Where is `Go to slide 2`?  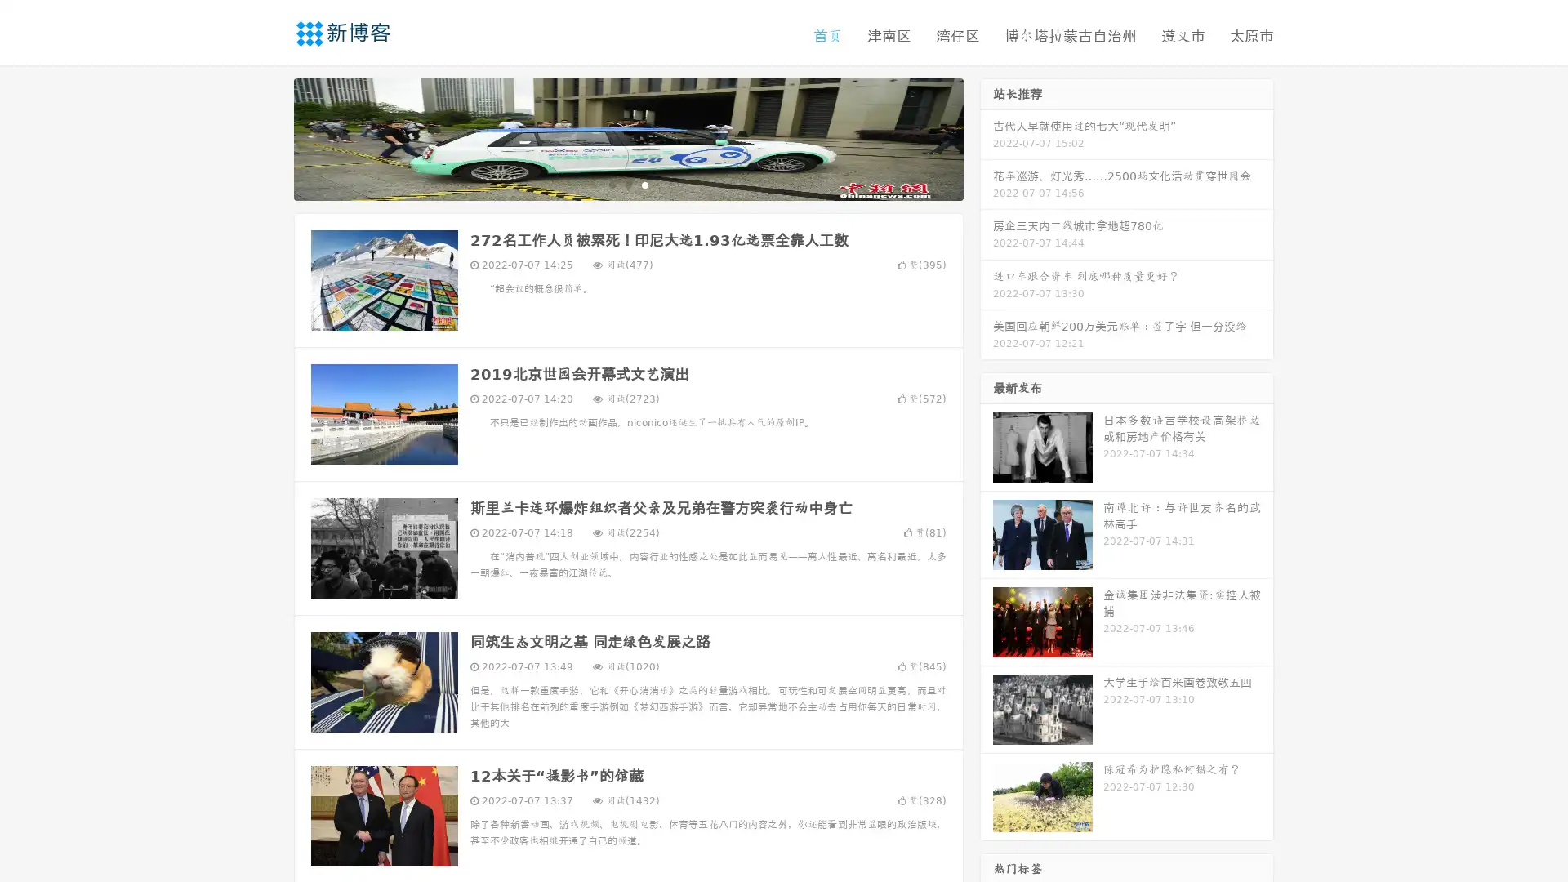
Go to slide 2 is located at coordinates (627, 184).